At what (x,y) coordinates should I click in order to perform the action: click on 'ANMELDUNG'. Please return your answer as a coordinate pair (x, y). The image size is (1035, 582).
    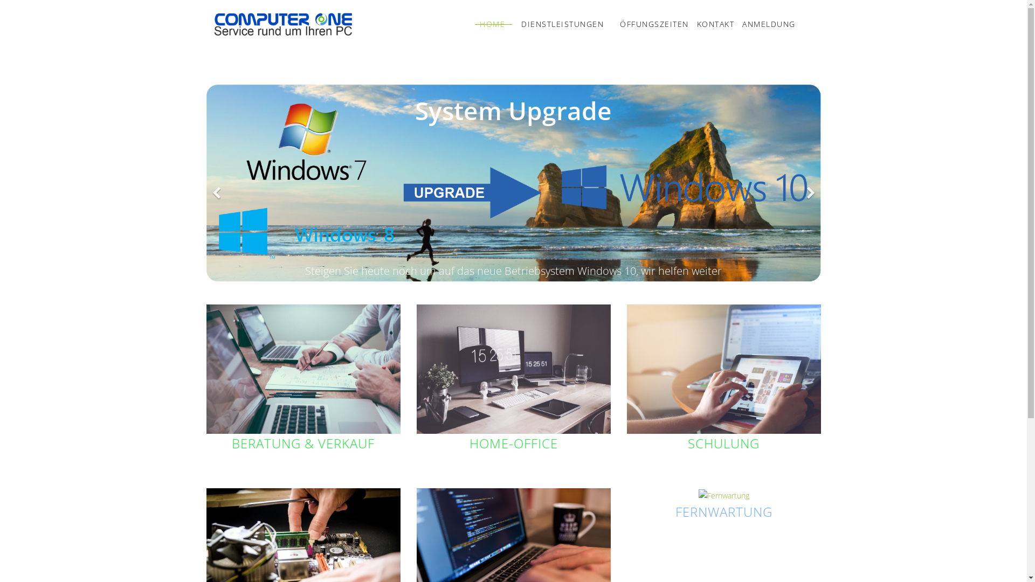
    Looking at the image, I should click on (764, 24).